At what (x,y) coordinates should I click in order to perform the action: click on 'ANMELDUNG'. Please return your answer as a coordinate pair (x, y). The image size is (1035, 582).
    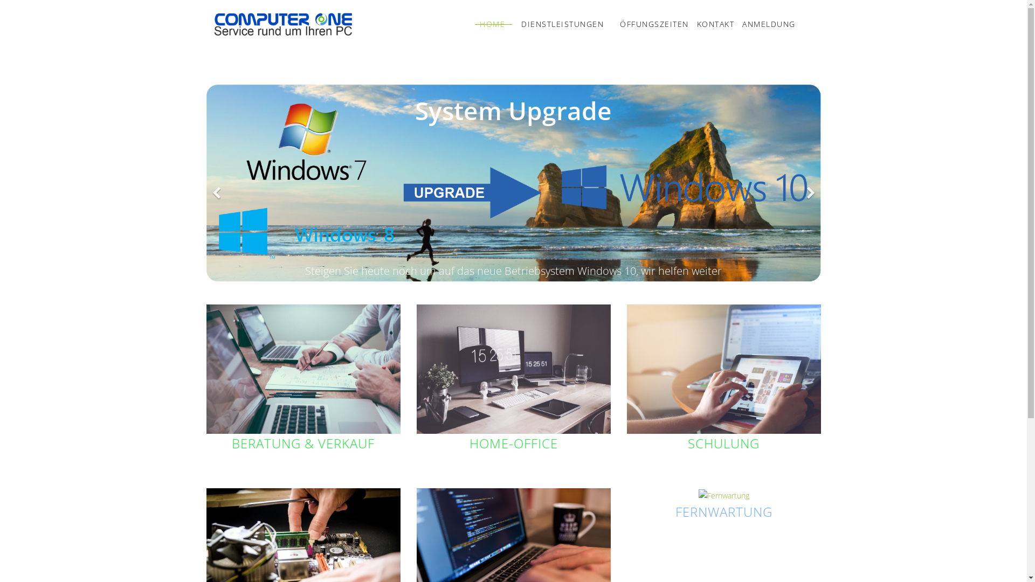
    Looking at the image, I should click on (764, 24).